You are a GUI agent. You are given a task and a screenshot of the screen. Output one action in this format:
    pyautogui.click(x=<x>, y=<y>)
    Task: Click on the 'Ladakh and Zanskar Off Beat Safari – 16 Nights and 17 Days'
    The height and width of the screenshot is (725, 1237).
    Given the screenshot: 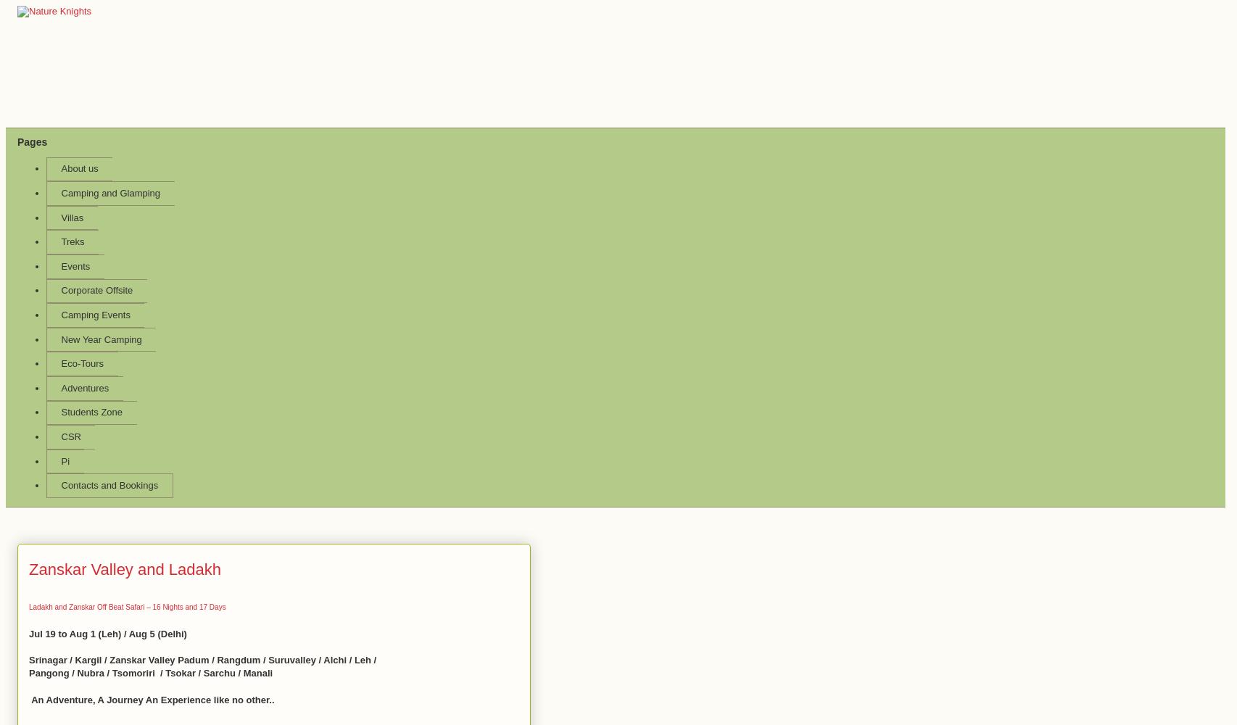 What is the action you would take?
    pyautogui.click(x=127, y=605)
    